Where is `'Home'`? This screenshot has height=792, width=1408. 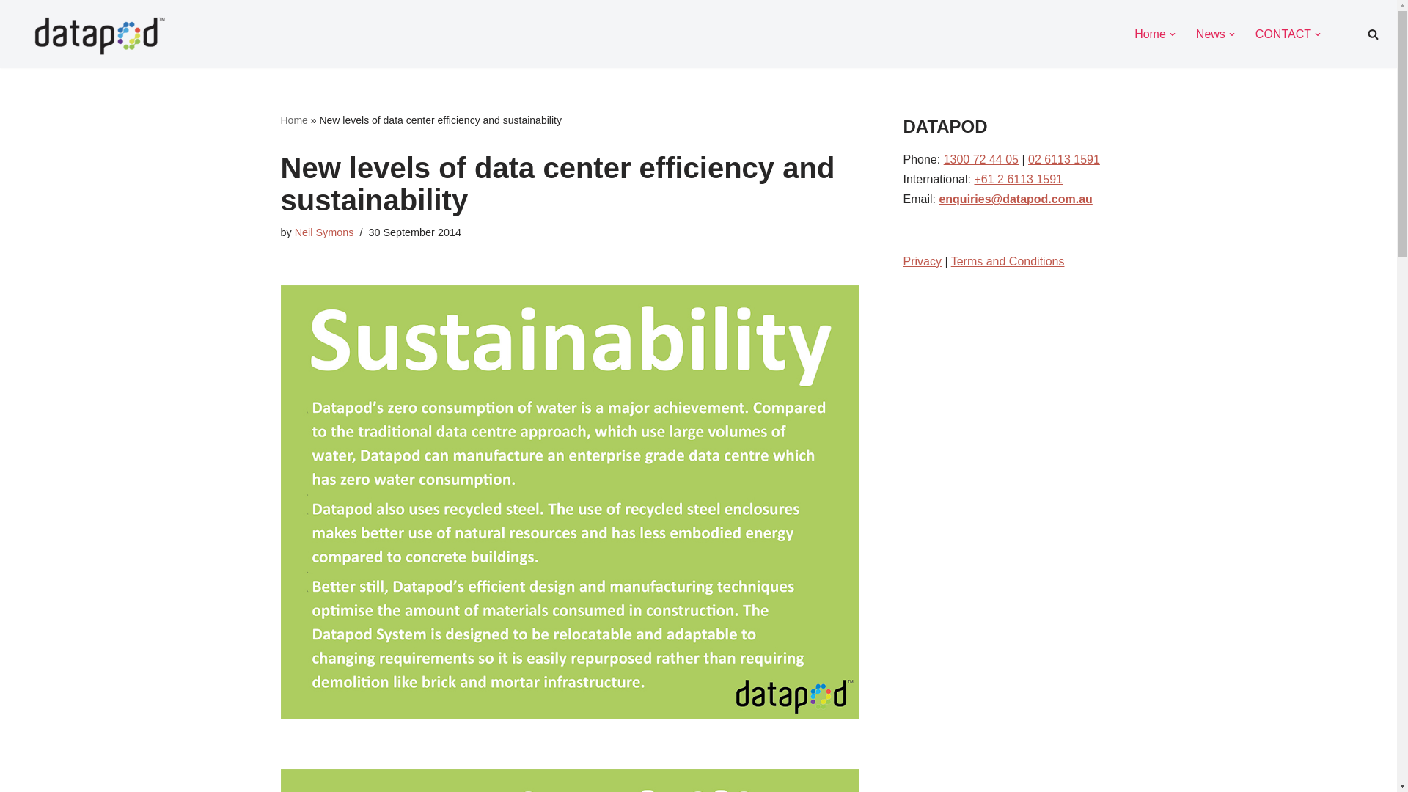 'Home' is located at coordinates (293, 120).